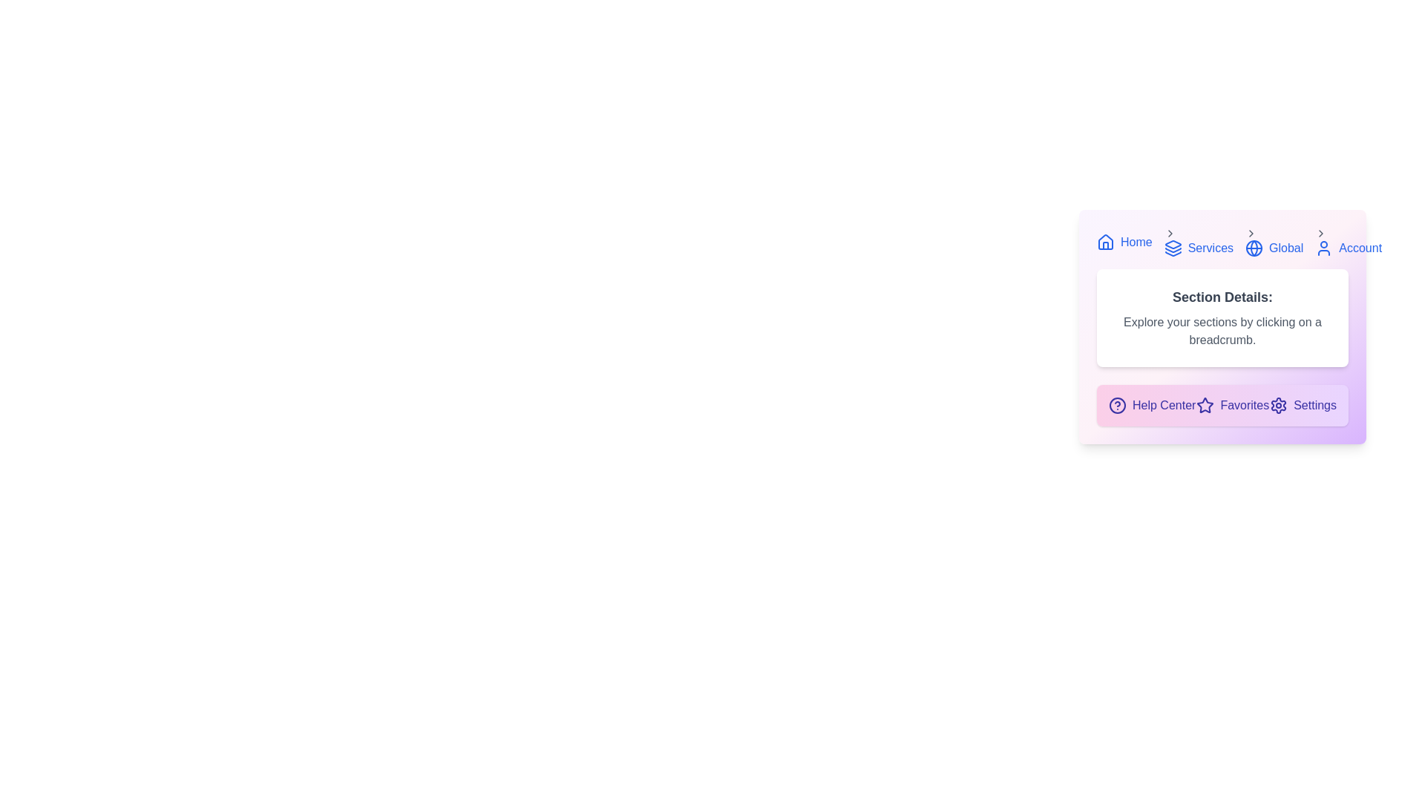 Image resolution: width=1425 pixels, height=801 pixels. What do you see at coordinates (1278, 406) in the screenshot?
I see `the intricate gear-shaped icon at the bottom right of the interface` at bounding box center [1278, 406].